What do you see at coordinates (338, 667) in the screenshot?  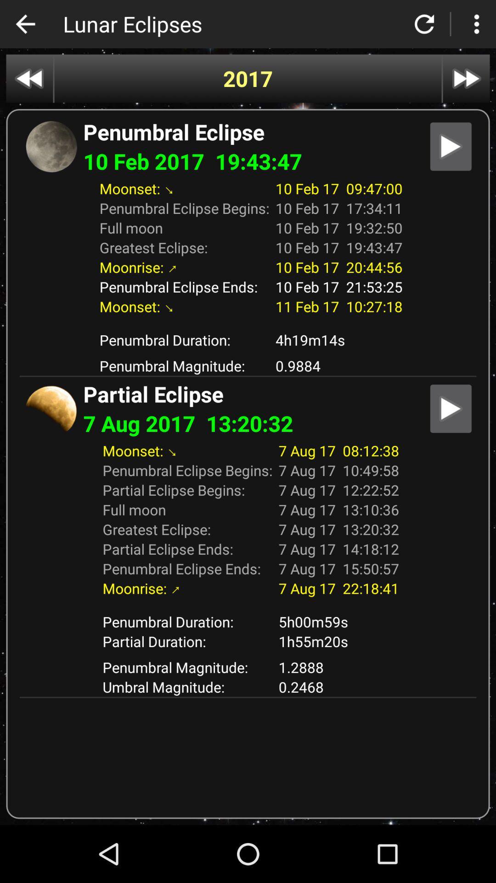 I see `1.2888` at bounding box center [338, 667].